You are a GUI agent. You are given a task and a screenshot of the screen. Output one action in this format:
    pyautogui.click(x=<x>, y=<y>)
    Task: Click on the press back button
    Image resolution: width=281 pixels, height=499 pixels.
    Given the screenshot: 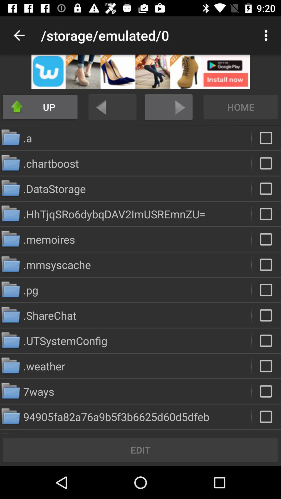 What is the action you would take?
    pyautogui.click(x=112, y=107)
    